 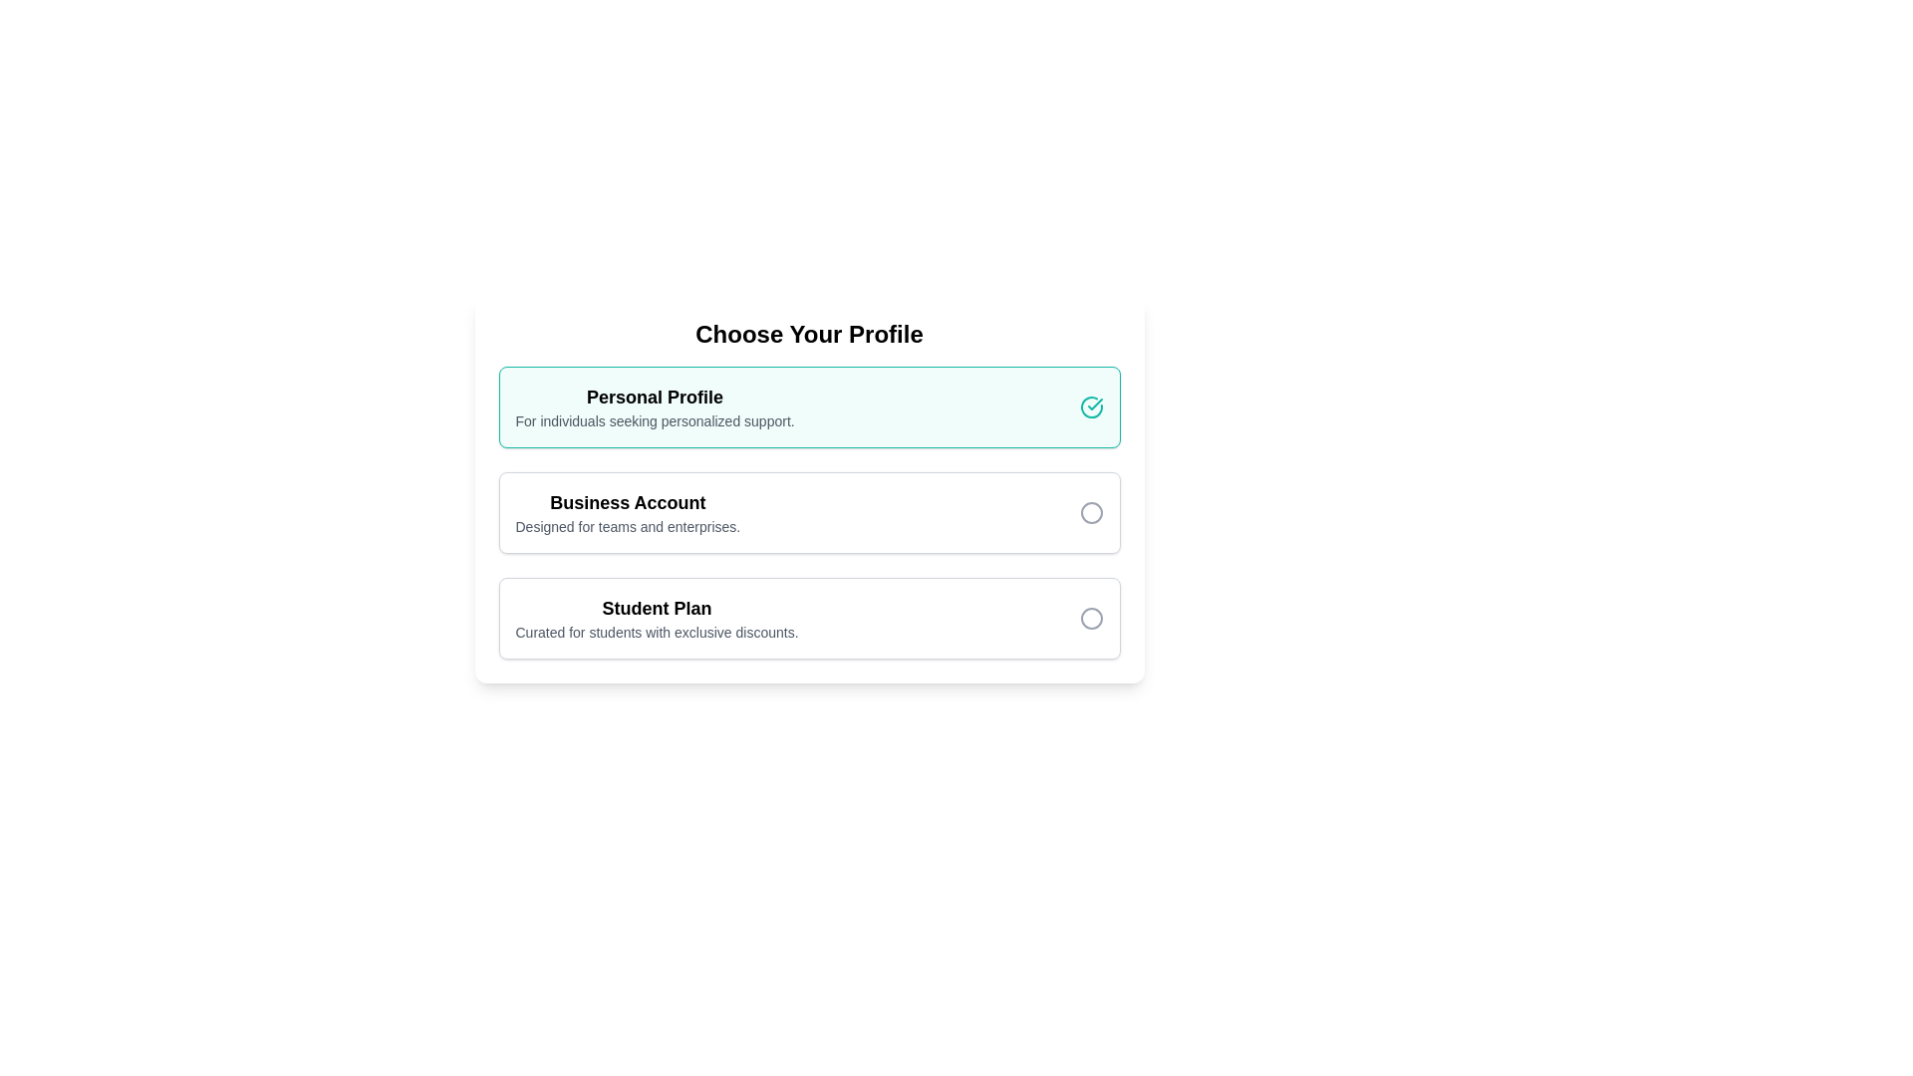 I want to click on the 'Business Account' text label, which is the main heading of the second profile option in the vertically stacked list of profile options, so click(x=627, y=502).